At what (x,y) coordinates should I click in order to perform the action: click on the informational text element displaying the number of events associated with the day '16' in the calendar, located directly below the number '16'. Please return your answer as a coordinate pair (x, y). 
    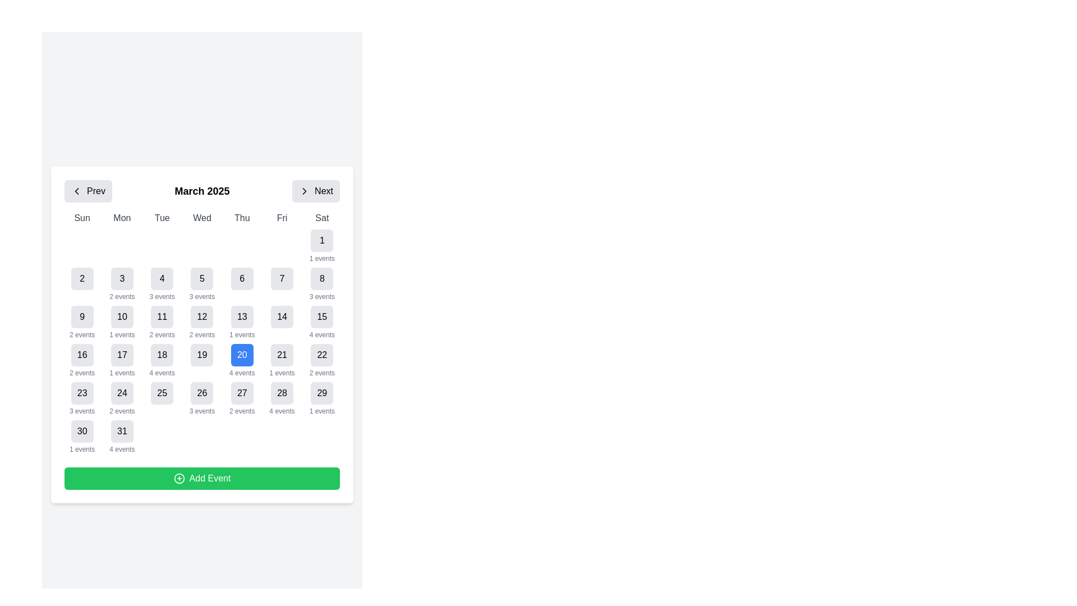
    Looking at the image, I should click on (81, 373).